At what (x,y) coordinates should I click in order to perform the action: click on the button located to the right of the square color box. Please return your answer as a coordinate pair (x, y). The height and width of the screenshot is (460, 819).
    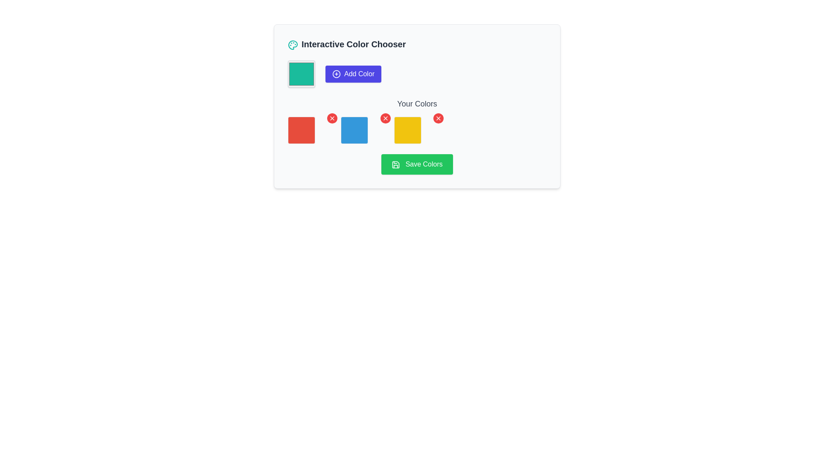
    Looking at the image, I should click on (353, 73).